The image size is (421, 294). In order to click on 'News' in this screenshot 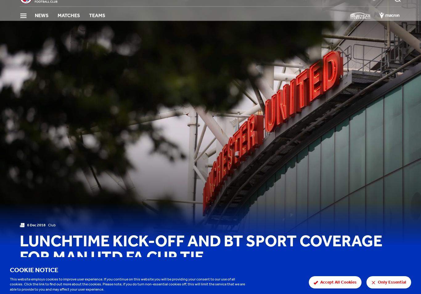, I will do `click(41, 25)`.